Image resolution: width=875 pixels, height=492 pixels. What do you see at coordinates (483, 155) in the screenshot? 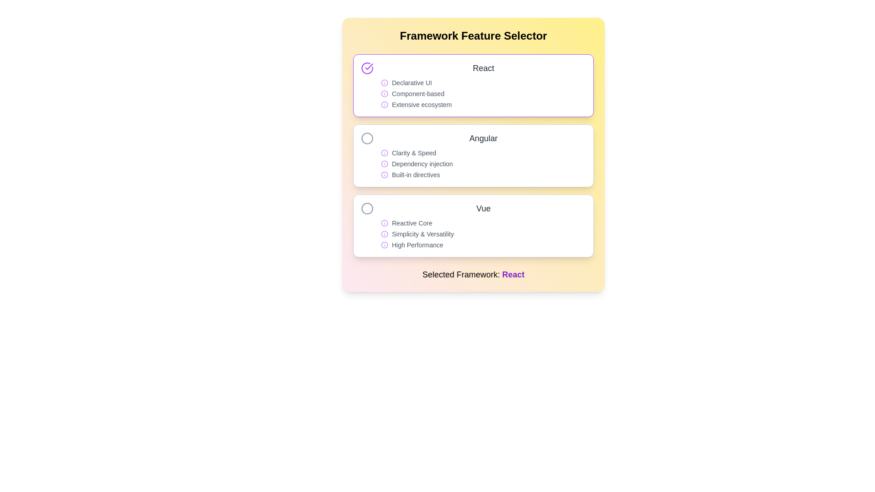
I see `and read the content within the 'Angular' feature description card, which includes the title 'Angular' and features such as 'Clarity & Speed', 'Dependency injection', and 'Built-in directives'` at bounding box center [483, 155].